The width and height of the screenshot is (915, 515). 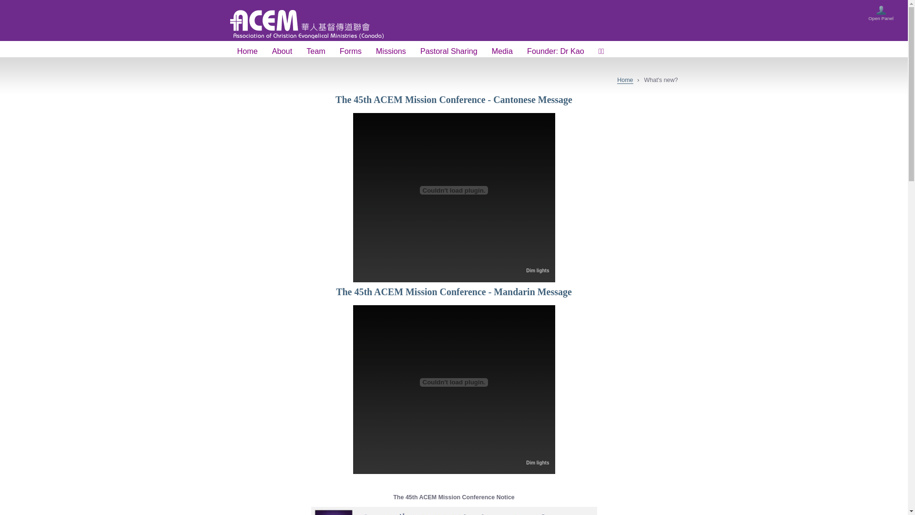 What do you see at coordinates (332, 51) in the screenshot?
I see `'Forms'` at bounding box center [332, 51].